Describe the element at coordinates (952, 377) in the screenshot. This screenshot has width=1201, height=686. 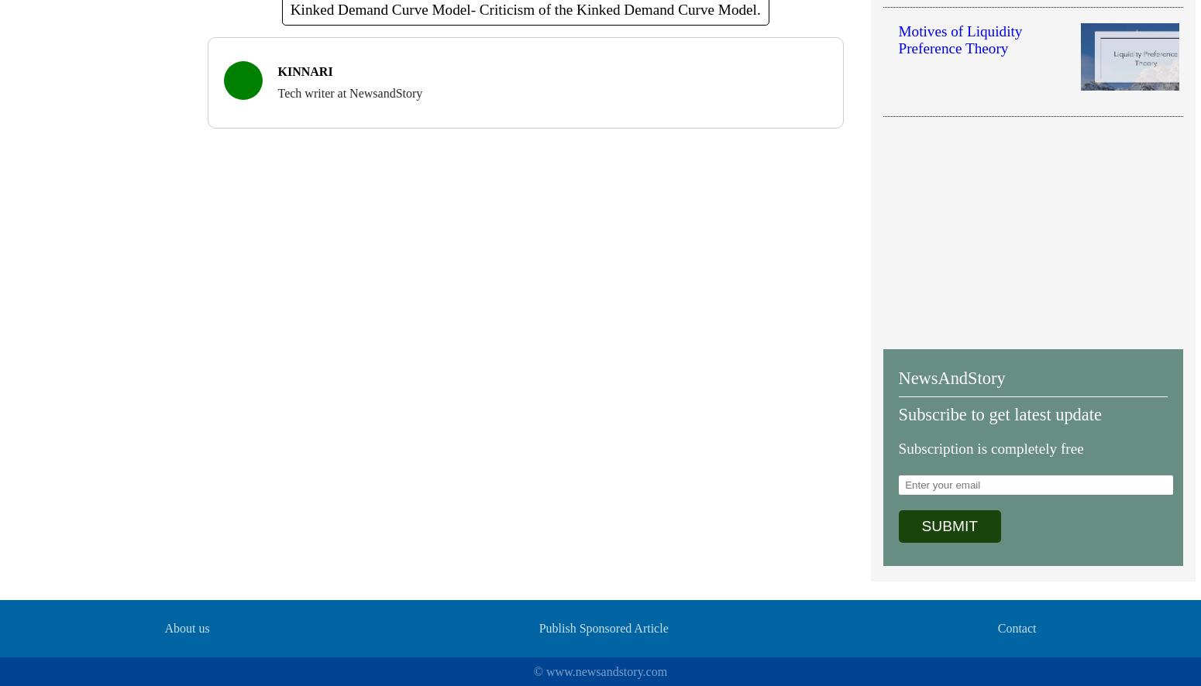
I see `'NewsAndStory'` at that location.